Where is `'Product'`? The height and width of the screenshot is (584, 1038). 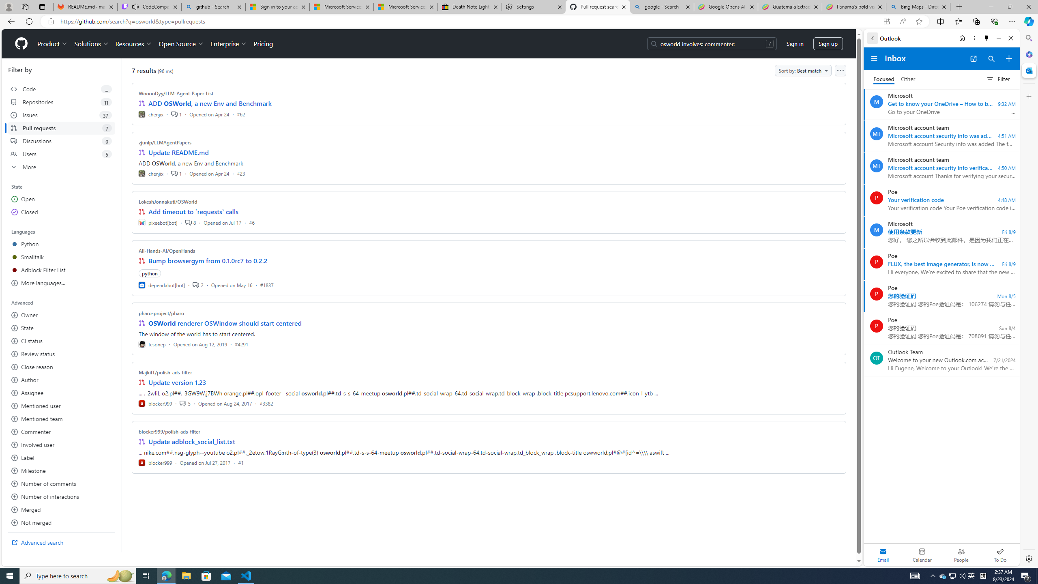
'Product' is located at coordinates (53, 43).